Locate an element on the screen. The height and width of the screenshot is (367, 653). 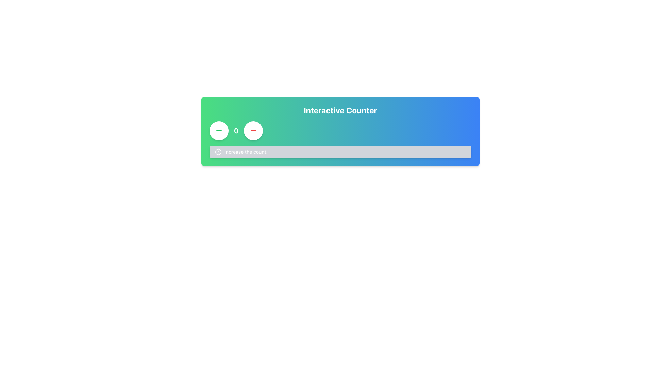
the circular button with a white background and a green plus symbol is located at coordinates (219, 131).